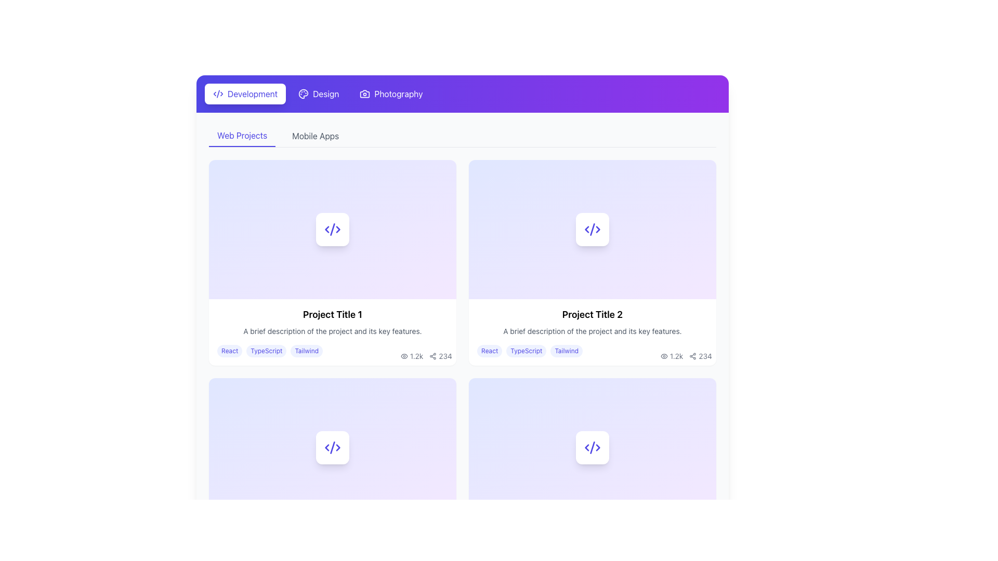 Image resolution: width=998 pixels, height=561 pixels. I want to click on the 'Mobile Apps' text link in the horizontal navigation bar, so click(314, 136).